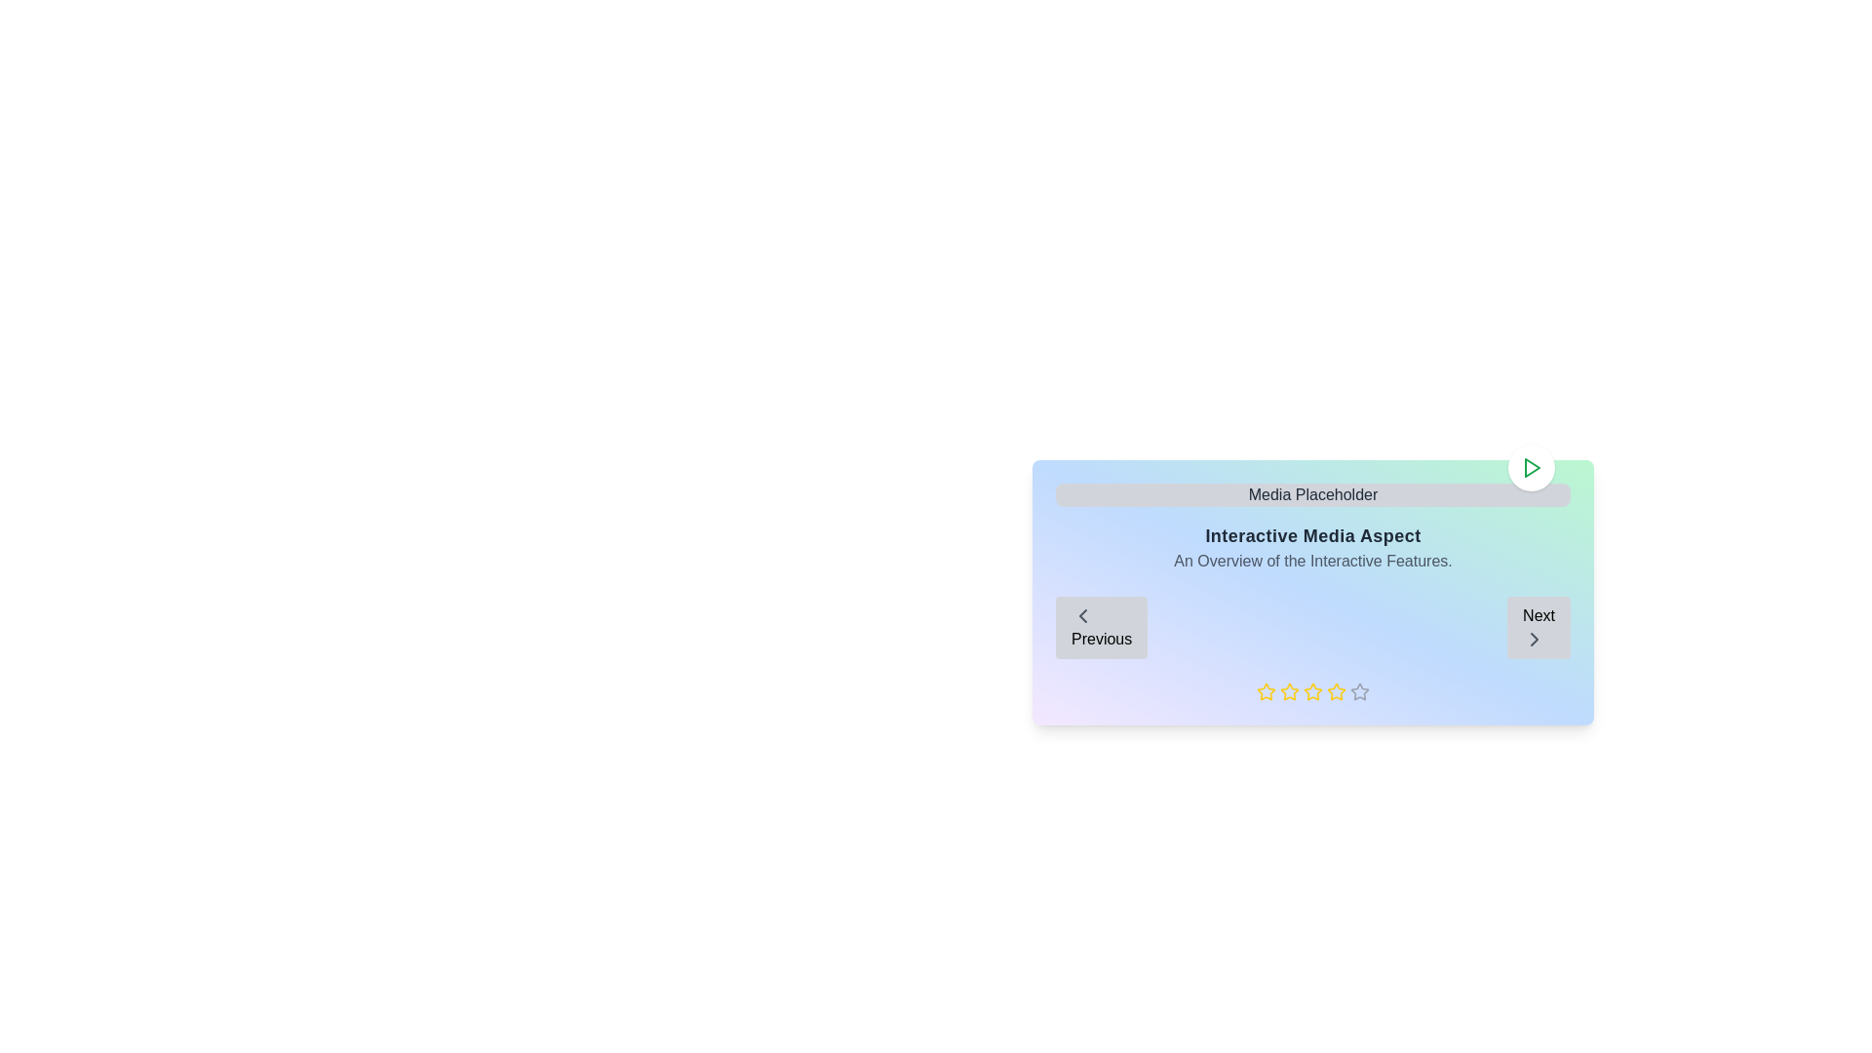  What do you see at coordinates (1313, 494) in the screenshot?
I see `the 'Media Placeholder' component, which is a rectangular element with a light gray background and dark gray text that reads 'Media Placeholder', located above the 'Interactive Media Aspect' header` at bounding box center [1313, 494].